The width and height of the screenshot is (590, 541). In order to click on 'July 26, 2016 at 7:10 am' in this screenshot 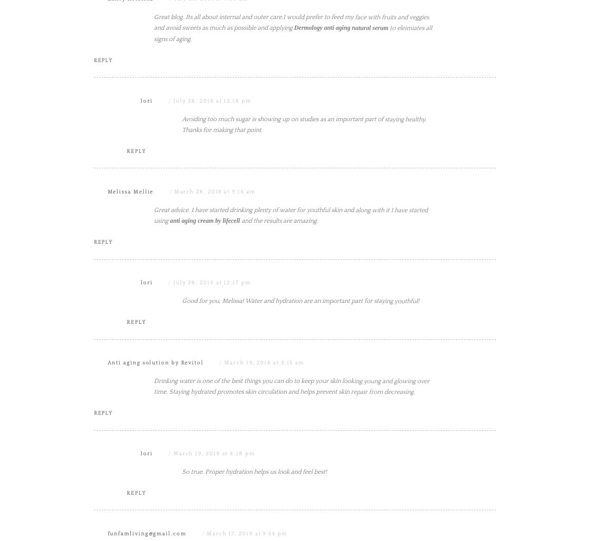, I will do `click(211, 101)`.